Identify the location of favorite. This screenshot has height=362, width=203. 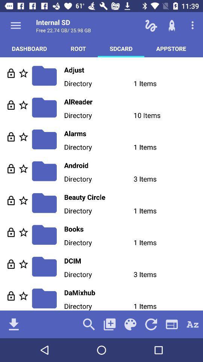
(23, 136).